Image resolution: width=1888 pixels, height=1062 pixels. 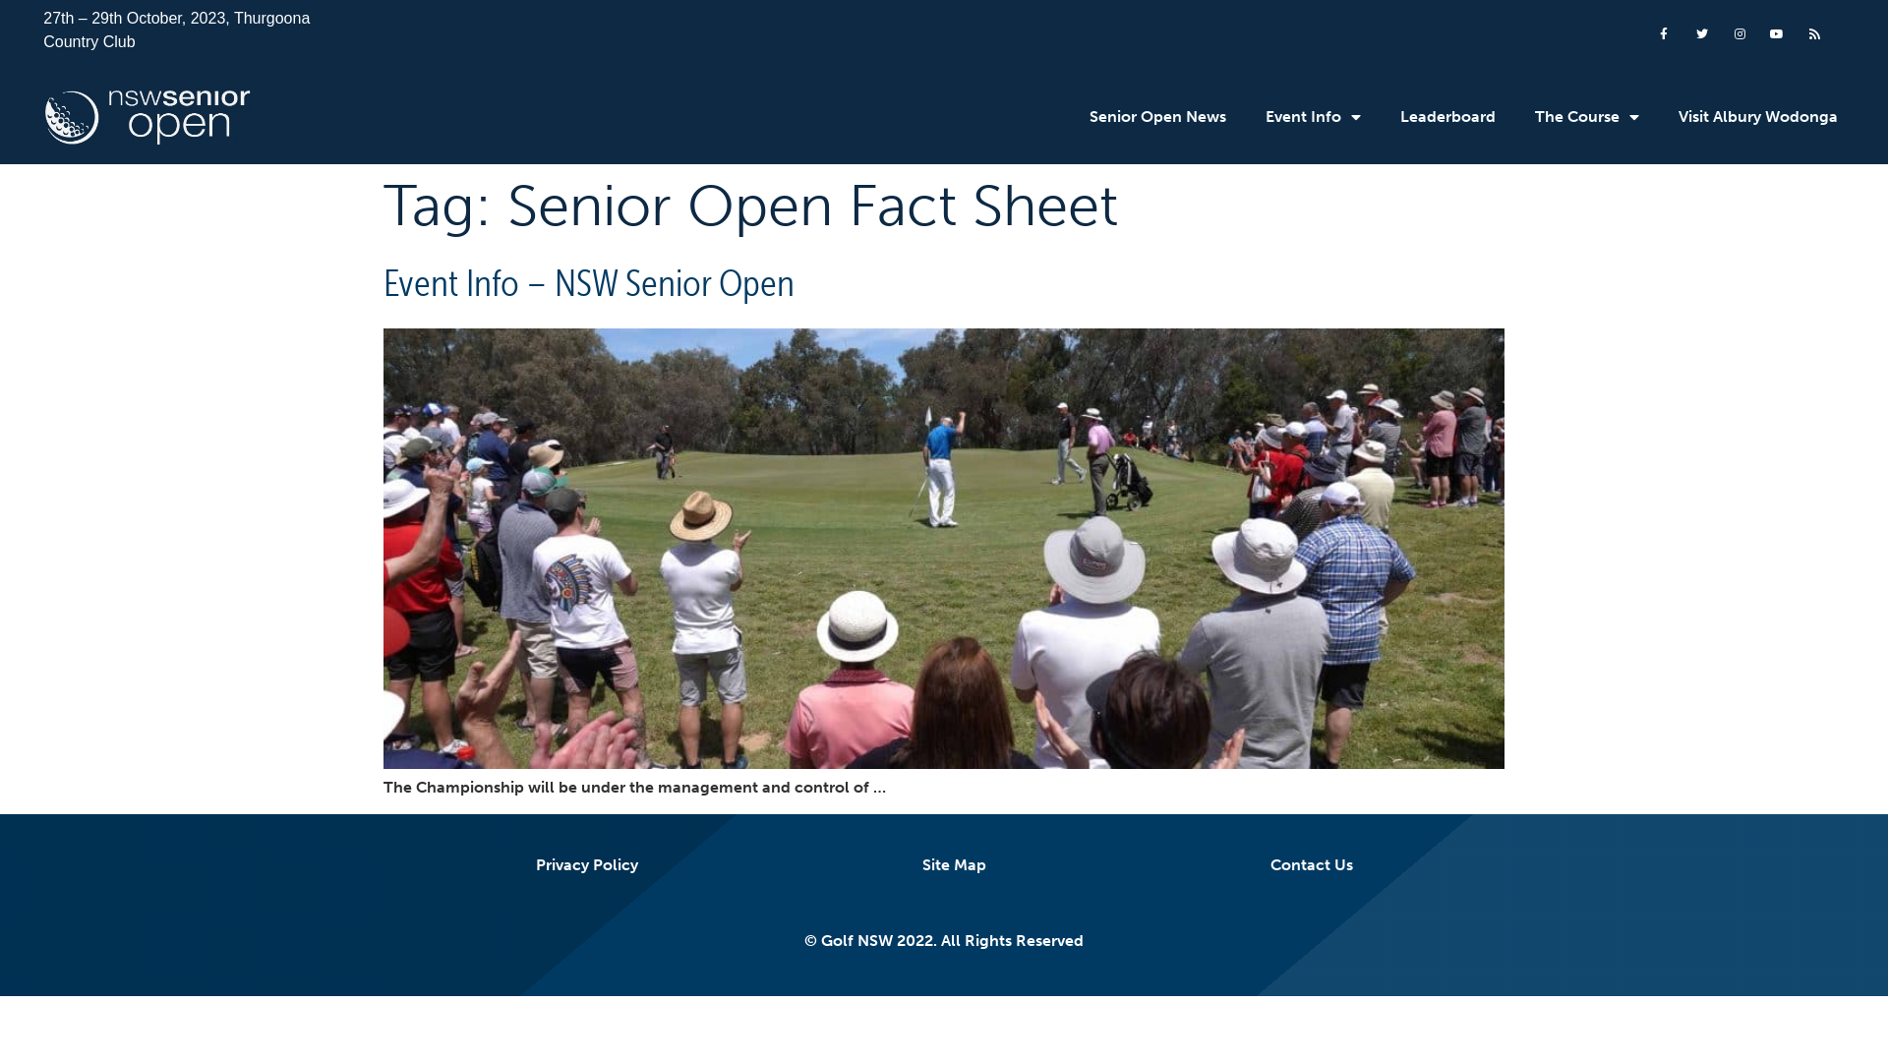 I want to click on 'Visit Albury Wodonga', so click(x=1758, y=117).